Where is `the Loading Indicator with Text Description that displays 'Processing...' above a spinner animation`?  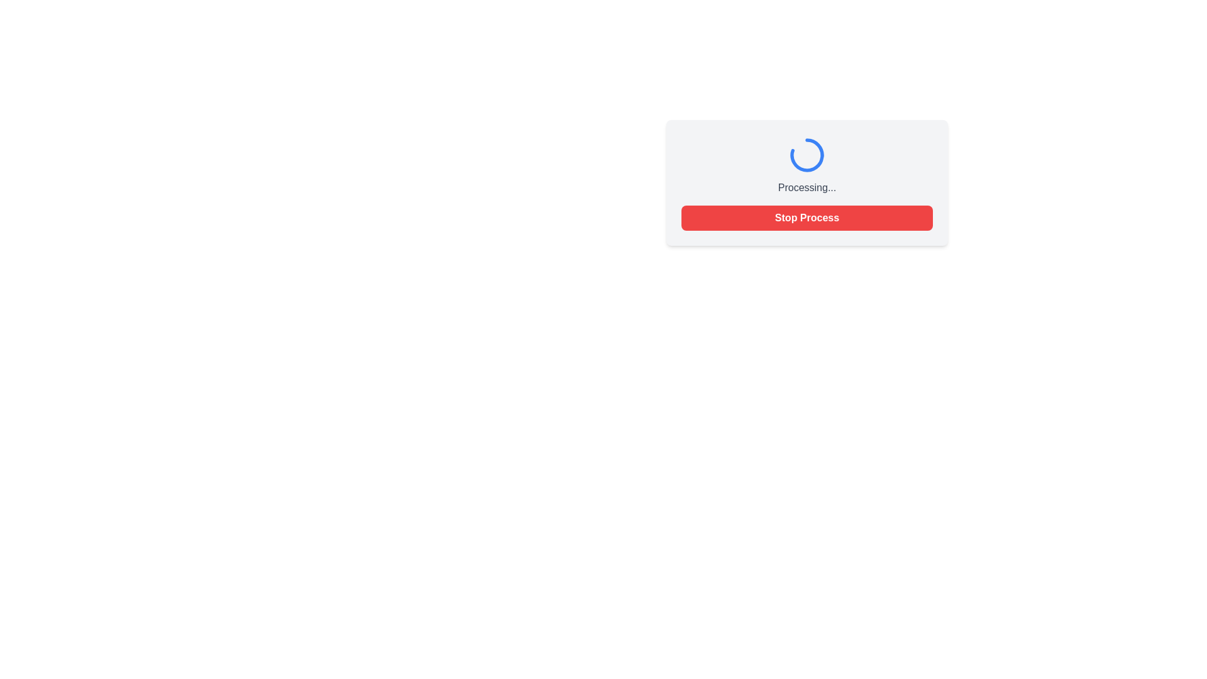
the Loading Indicator with Text Description that displays 'Processing...' above a spinner animation is located at coordinates (807, 164).